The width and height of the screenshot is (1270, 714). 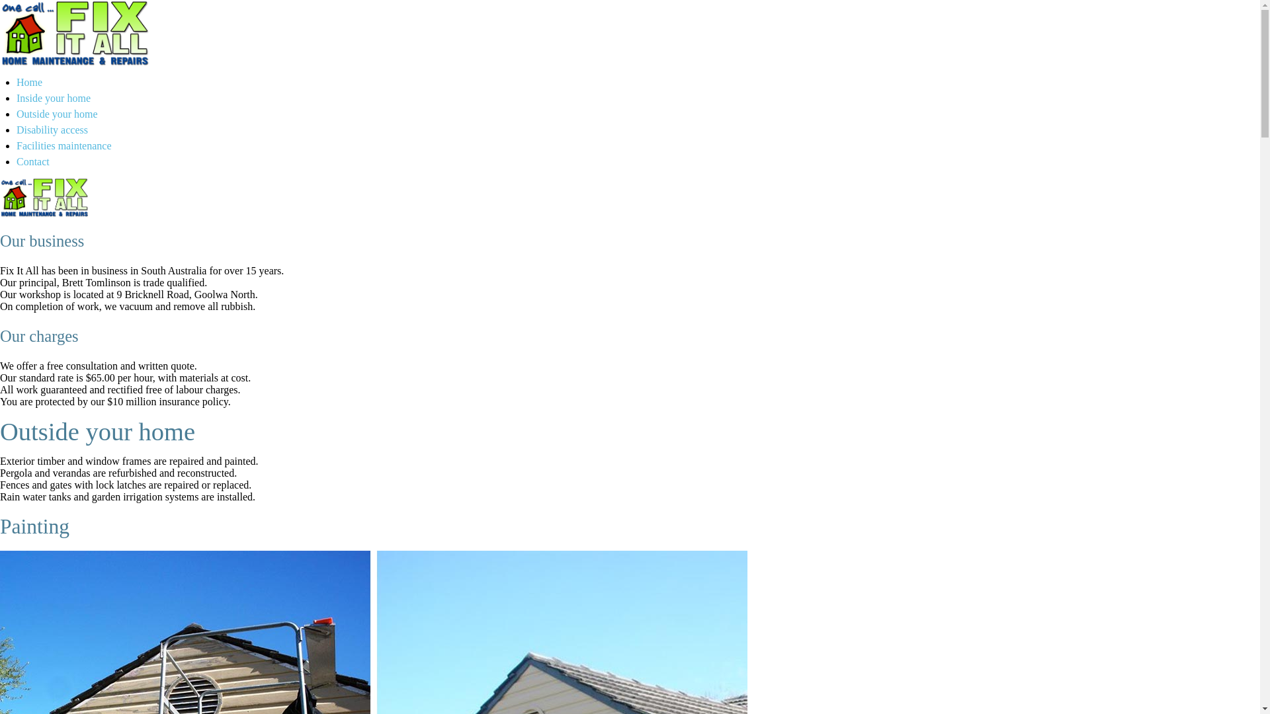 What do you see at coordinates (63, 145) in the screenshot?
I see `'Facilities maintenance'` at bounding box center [63, 145].